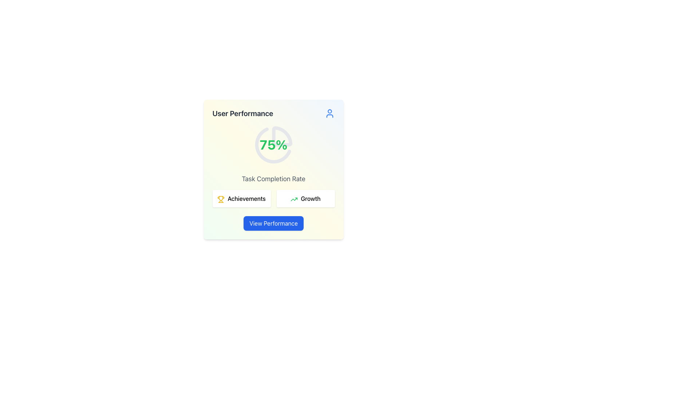 Image resolution: width=699 pixels, height=393 pixels. I want to click on the Text label that conveys information about achievements or milestones, positioned centrally within a white card with rounded corners, located on the left side of the card adjacent to a trophy icon, so click(246, 199).